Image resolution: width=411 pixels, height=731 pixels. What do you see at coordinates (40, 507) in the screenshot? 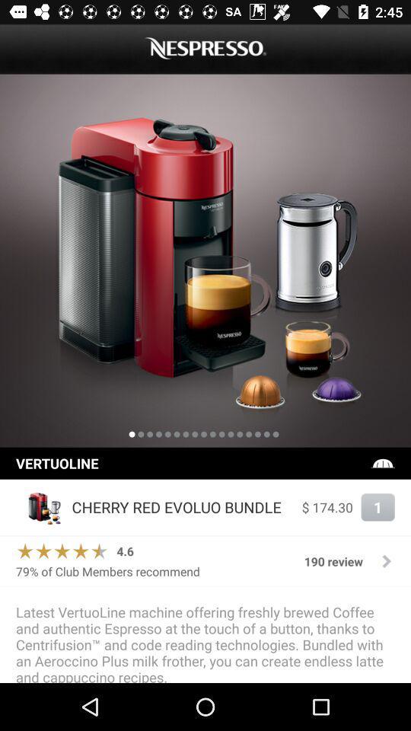
I see `the item next to the cherry red evoluo icon` at bounding box center [40, 507].